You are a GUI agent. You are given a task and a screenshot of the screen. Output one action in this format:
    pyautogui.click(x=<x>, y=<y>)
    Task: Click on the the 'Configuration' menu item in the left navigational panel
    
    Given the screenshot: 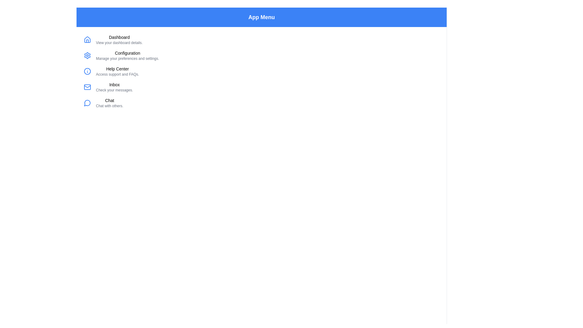 What is the action you would take?
    pyautogui.click(x=127, y=55)
    